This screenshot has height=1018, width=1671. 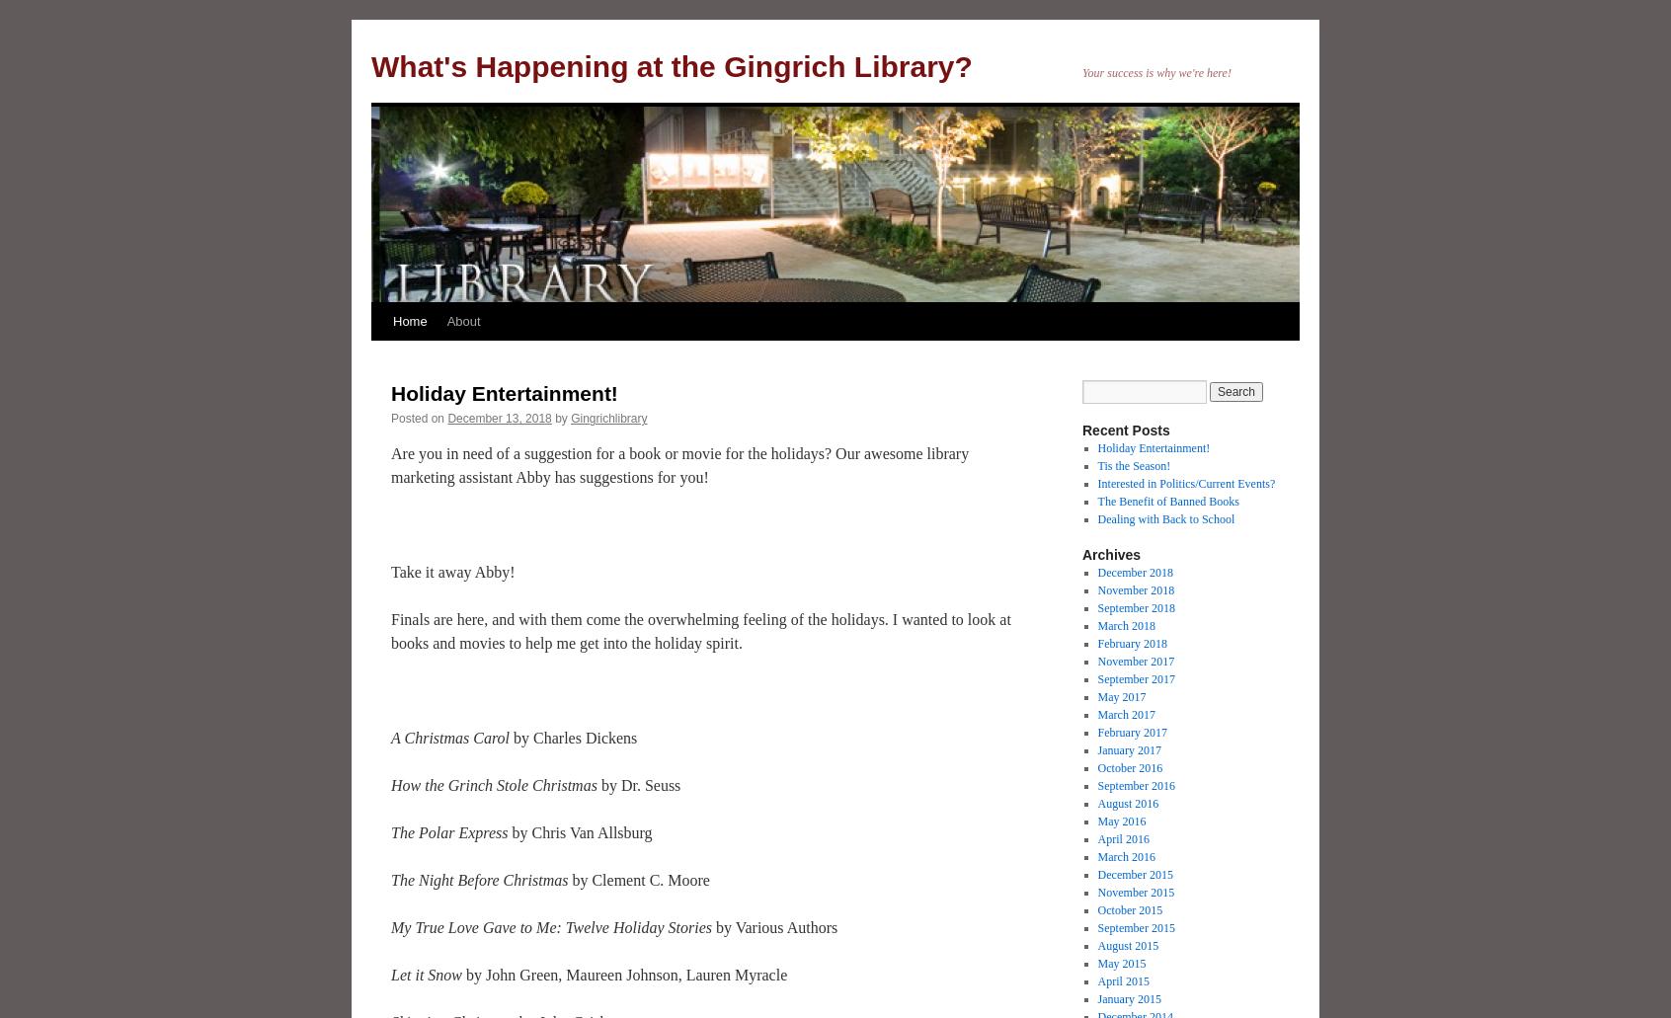 What do you see at coordinates (1135, 926) in the screenshot?
I see `'September 2015'` at bounding box center [1135, 926].